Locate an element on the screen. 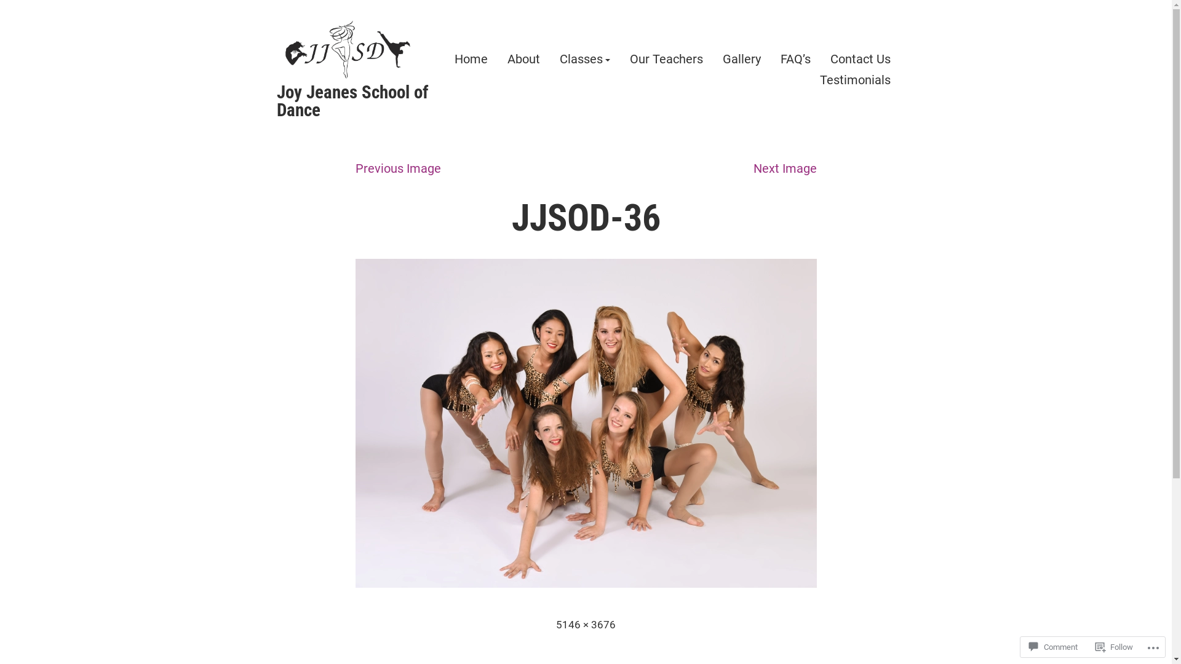 The height and width of the screenshot is (664, 1181). 'Next Image' is located at coordinates (784, 168).